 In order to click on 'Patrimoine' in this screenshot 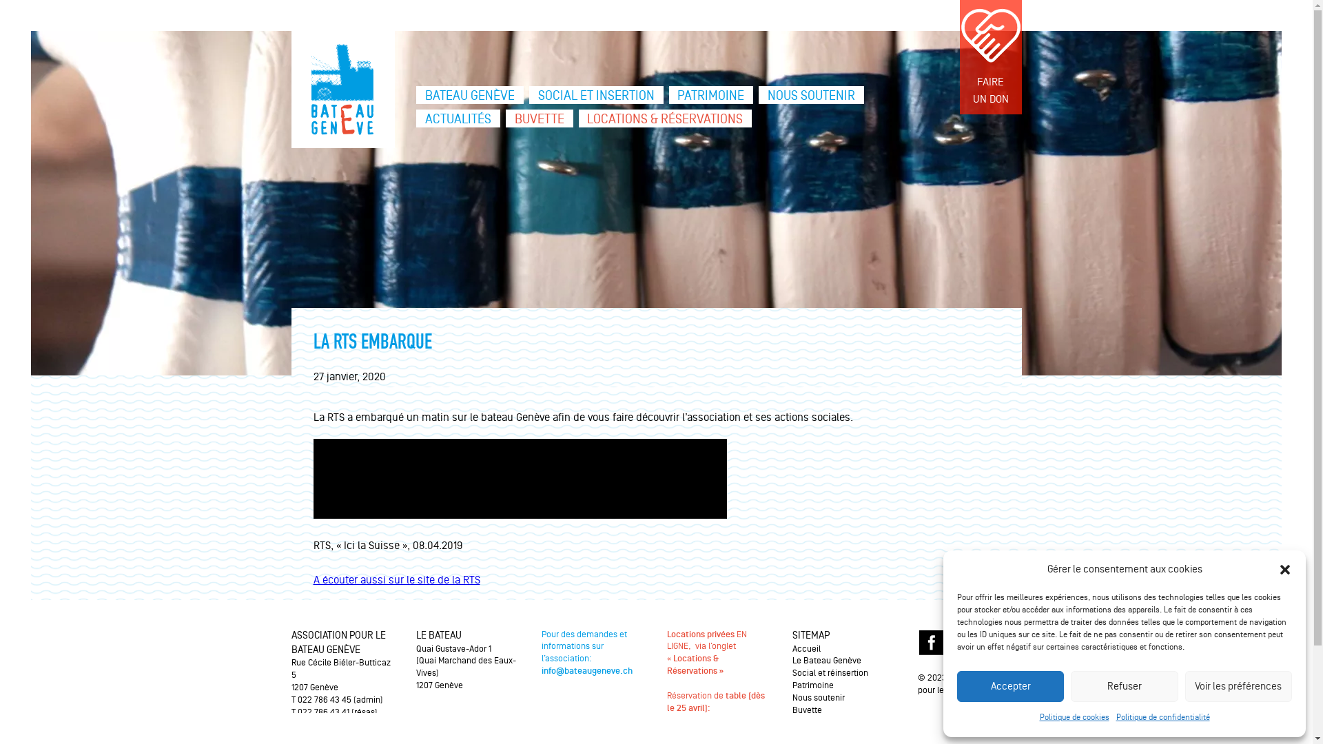, I will do `click(813, 685)`.